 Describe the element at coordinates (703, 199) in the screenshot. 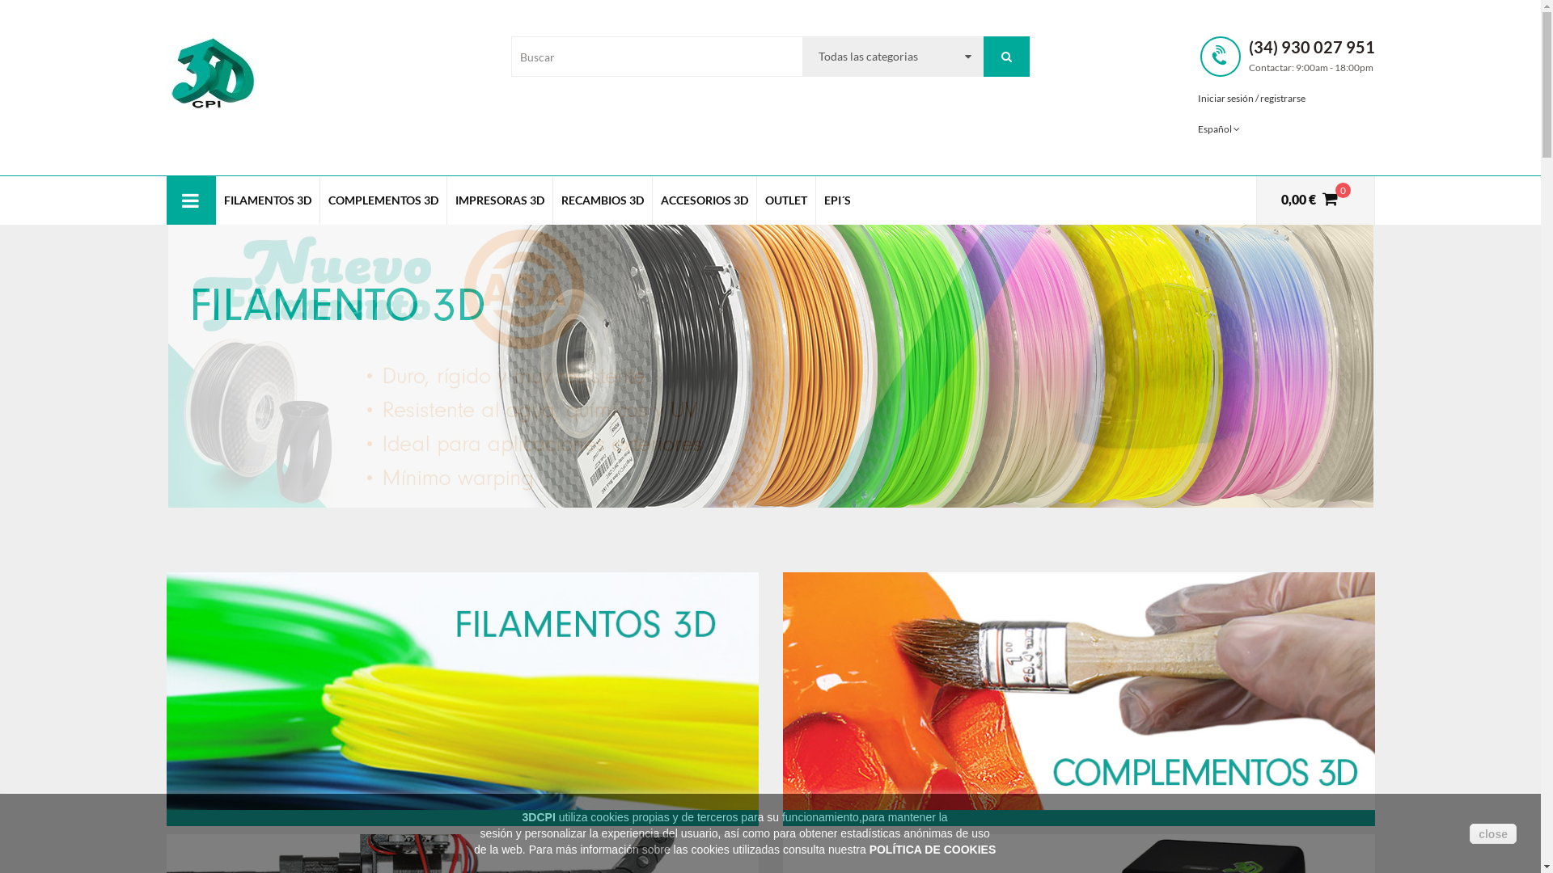

I see `'ACCESORIOS 3D'` at that location.